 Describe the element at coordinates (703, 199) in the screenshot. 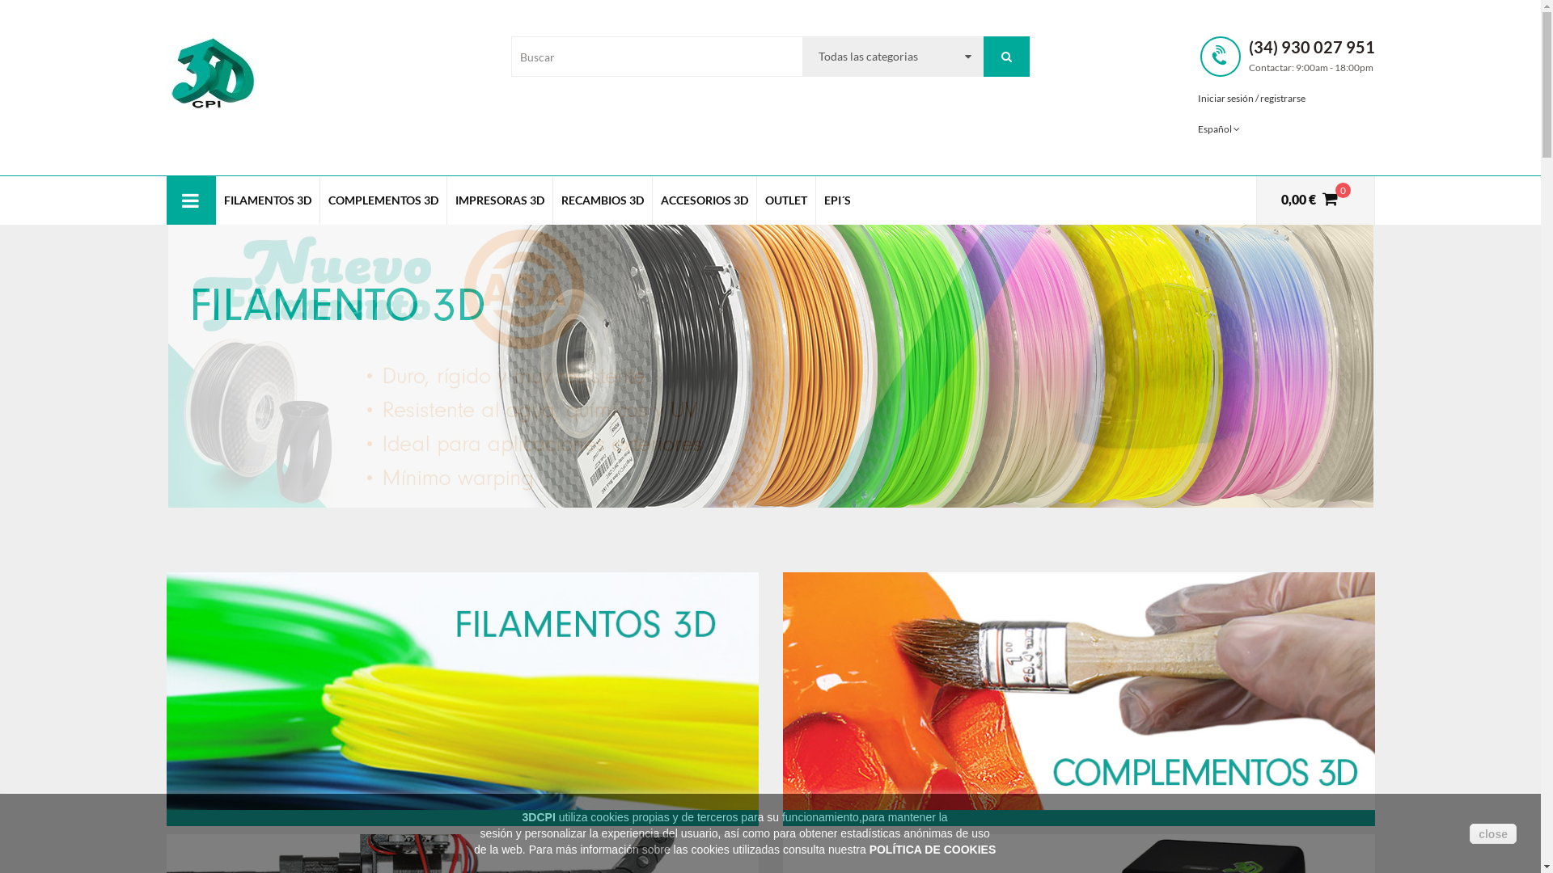

I see `'ACCESORIOS 3D'` at that location.